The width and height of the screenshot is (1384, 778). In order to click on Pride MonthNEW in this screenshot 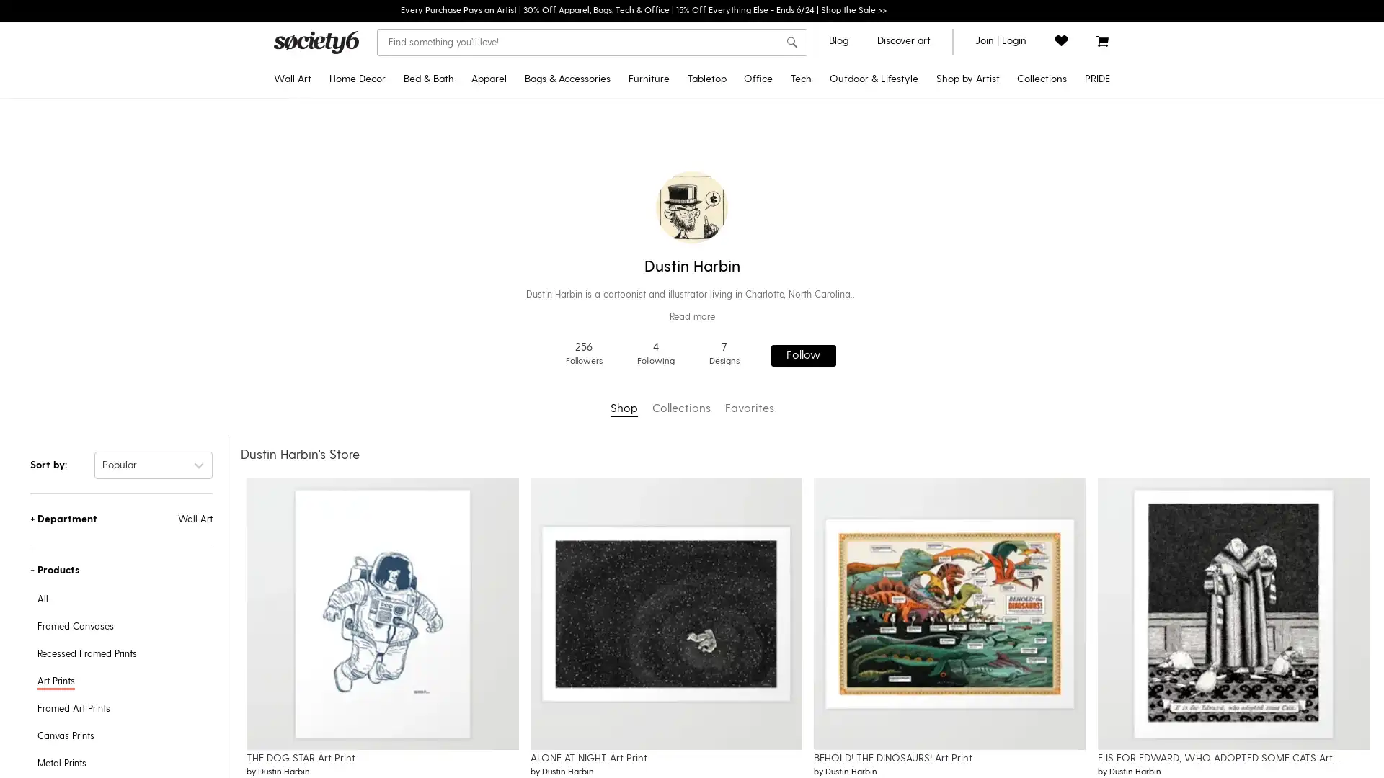, I will do `click(988, 115)`.